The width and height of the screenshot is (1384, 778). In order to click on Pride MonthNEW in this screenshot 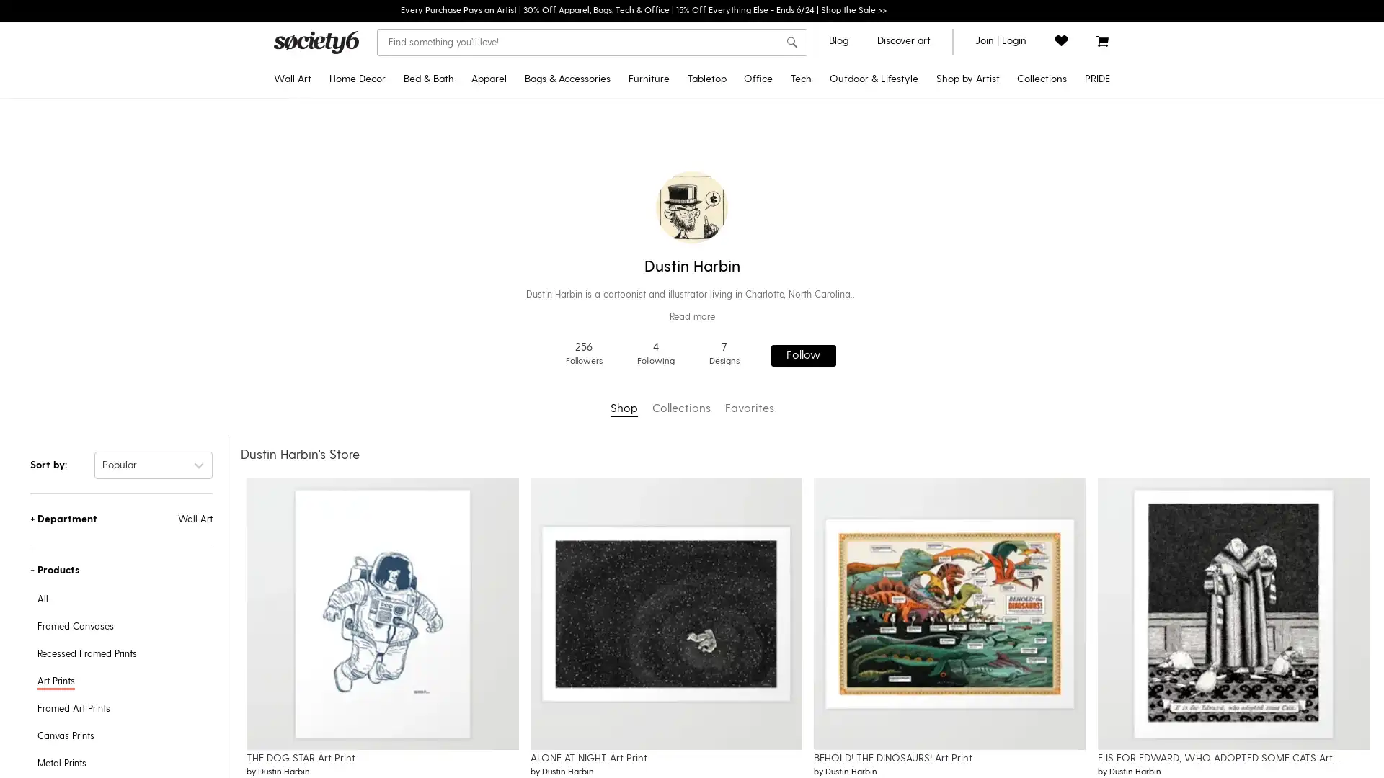, I will do `click(988, 115)`.